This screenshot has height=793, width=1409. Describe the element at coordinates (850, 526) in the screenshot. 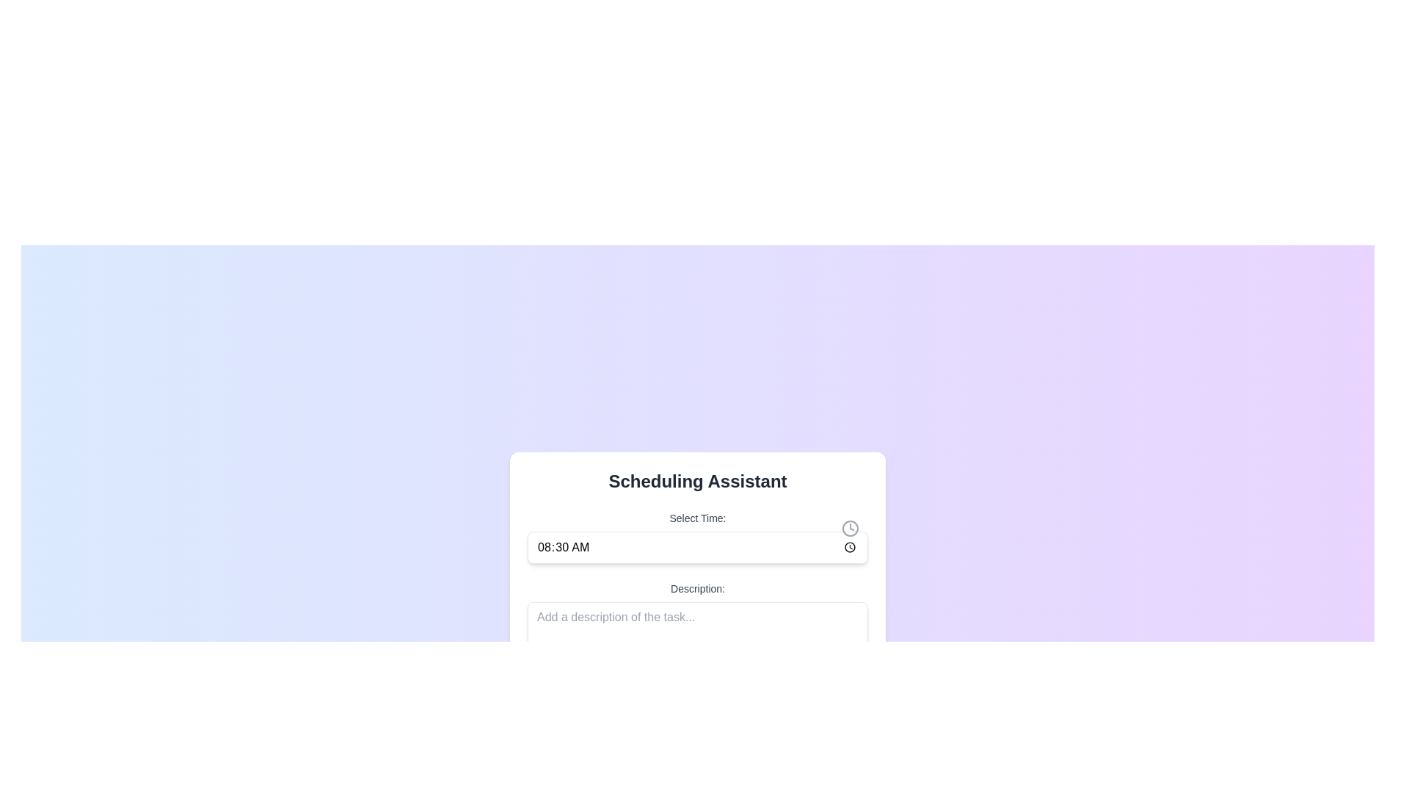

I see `the outer circle of the clock icon, which has a gray border and is located on the right side of the time input field in the 'Select Time' section of the 'Scheduling Assistant' interface` at that location.